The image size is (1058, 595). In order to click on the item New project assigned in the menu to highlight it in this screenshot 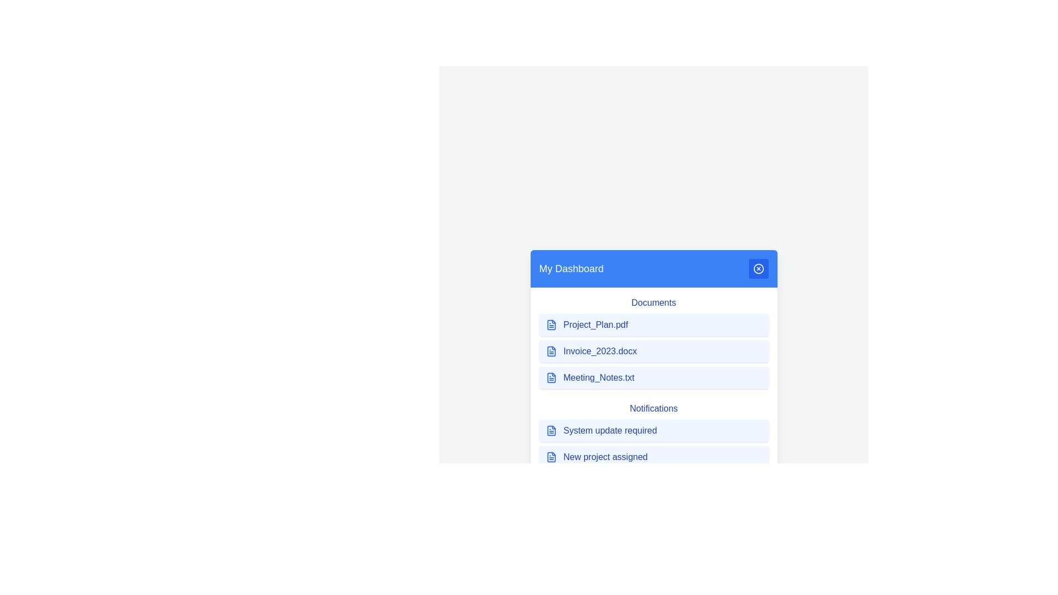, I will do `click(654, 457)`.